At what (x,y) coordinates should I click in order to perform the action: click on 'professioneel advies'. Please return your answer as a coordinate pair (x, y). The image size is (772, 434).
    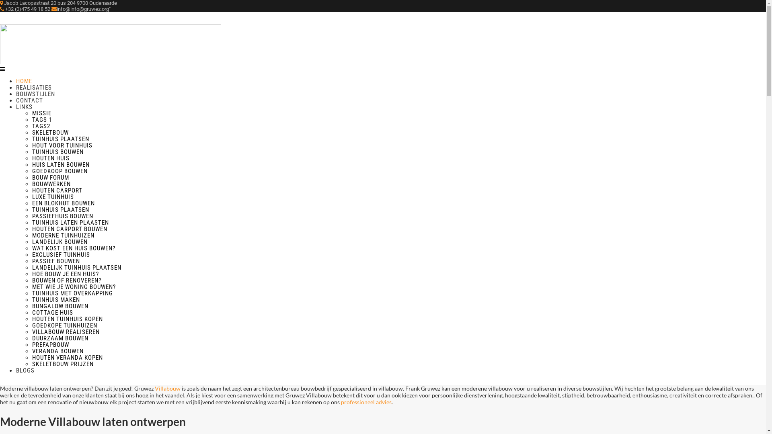
    Looking at the image, I should click on (366, 402).